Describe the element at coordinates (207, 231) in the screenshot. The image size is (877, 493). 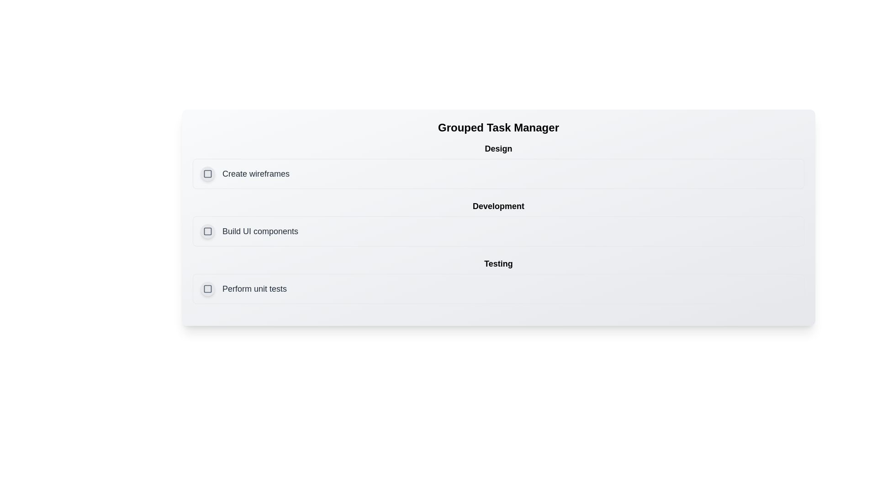
I see `the second checkbox in the vertical list of tasks for 'Build UI components'` at that location.